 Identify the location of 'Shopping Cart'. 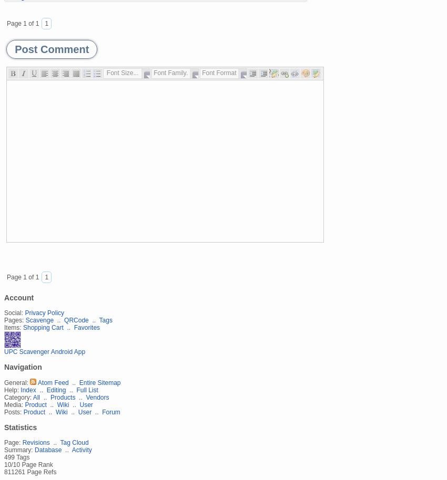
(43, 326).